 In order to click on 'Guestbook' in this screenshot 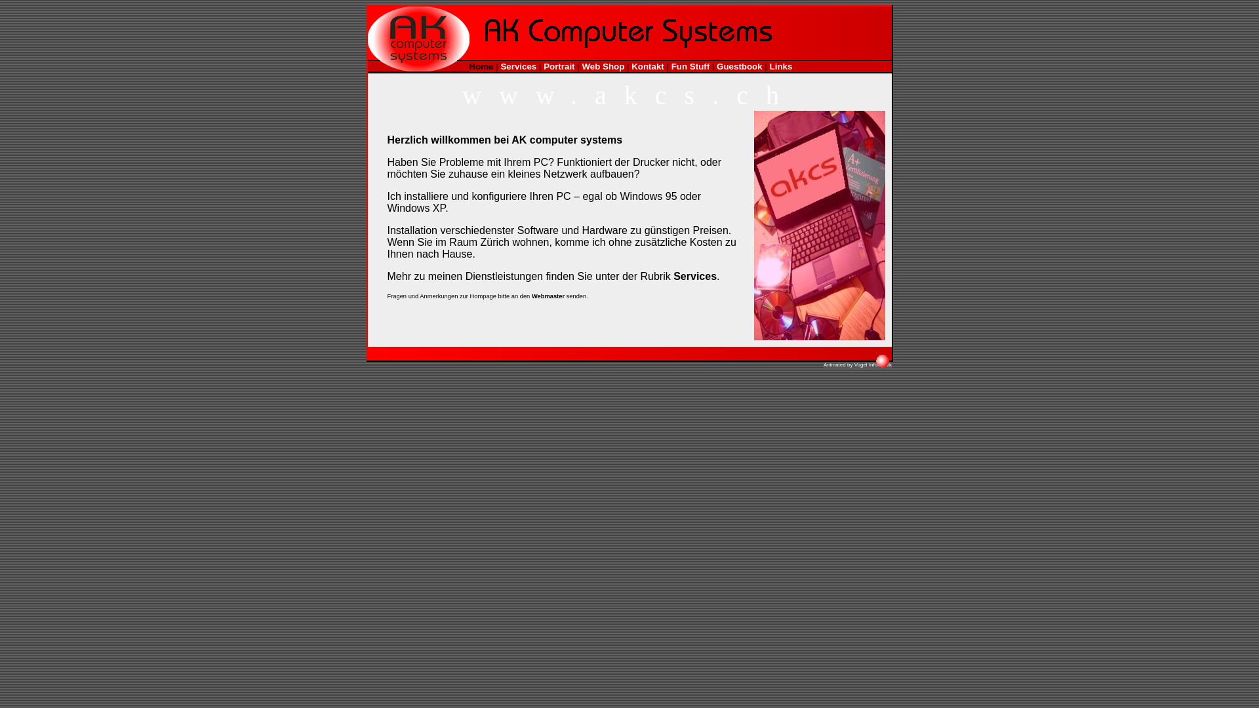, I will do `click(740, 66)`.